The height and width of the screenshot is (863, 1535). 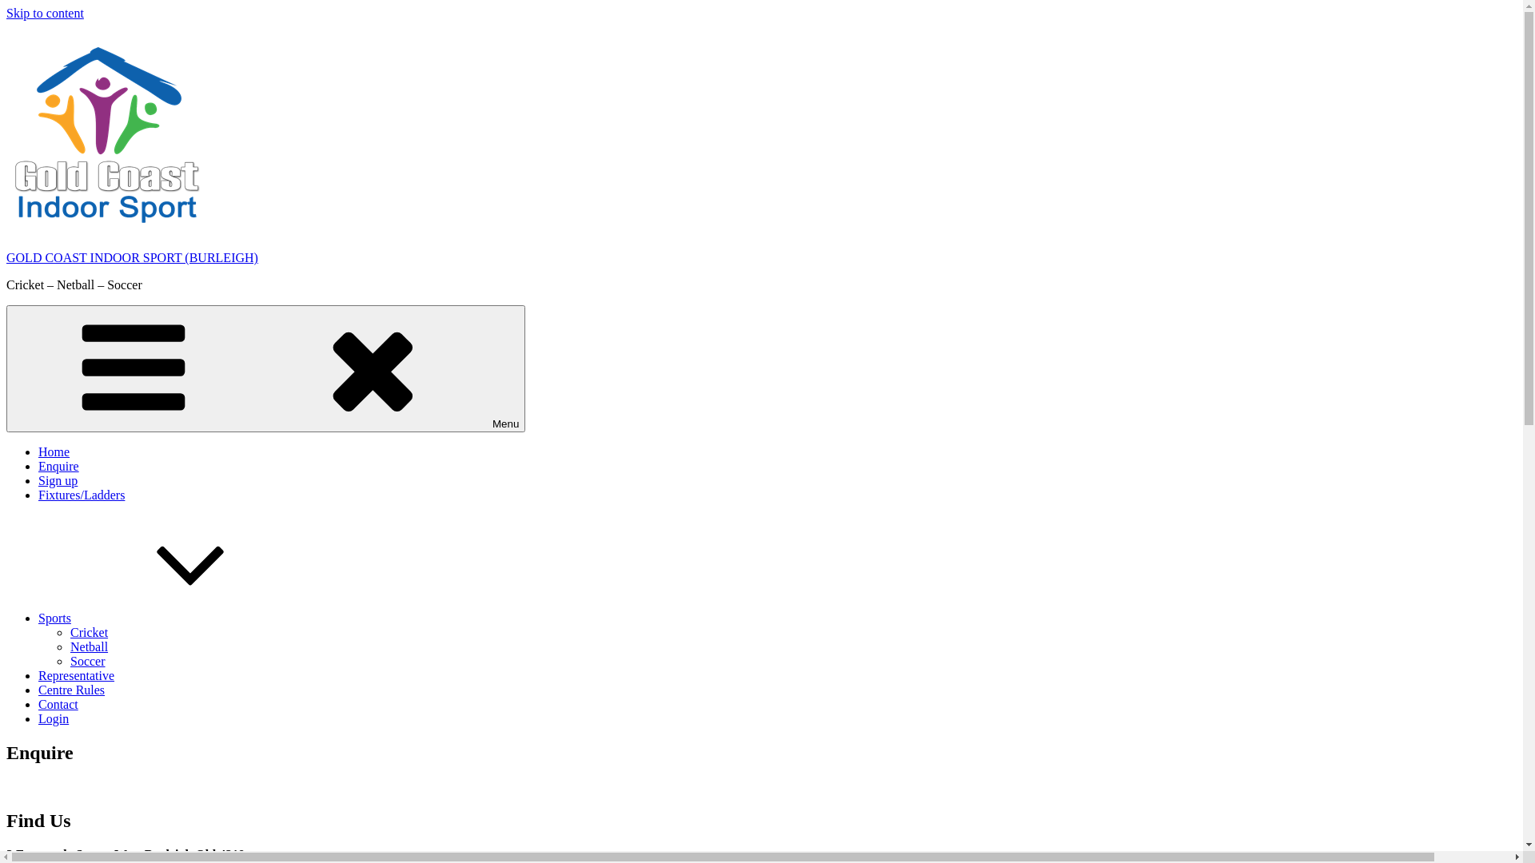 What do you see at coordinates (38, 494) in the screenshot?
I see `'Fixtures/Ladders'` at bounding box center [38, 494].